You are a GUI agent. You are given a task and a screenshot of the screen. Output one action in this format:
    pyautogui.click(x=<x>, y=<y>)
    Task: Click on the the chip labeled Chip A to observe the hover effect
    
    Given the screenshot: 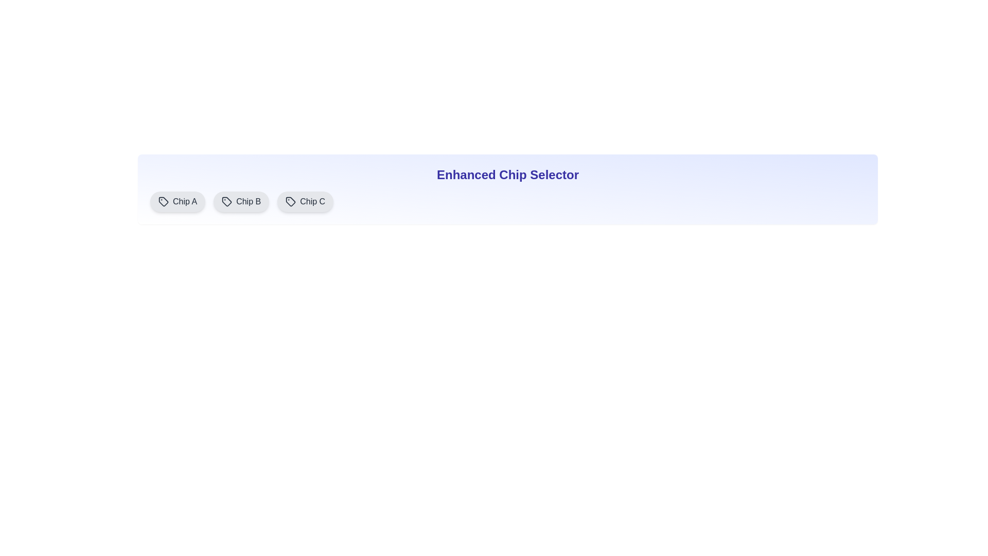 What is the action you would take?
    pyautogui.click(x=178, y=202)
    